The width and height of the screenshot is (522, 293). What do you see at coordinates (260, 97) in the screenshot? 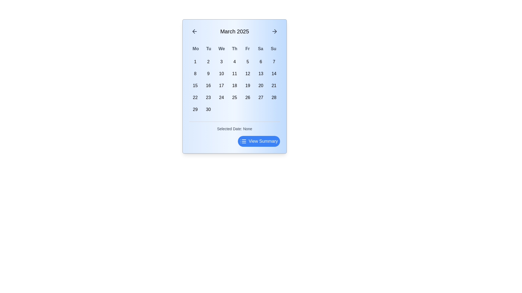
I see `the date selector button for the 27th day of the month in the calendar grid interface` at bounding box center [260, 97].